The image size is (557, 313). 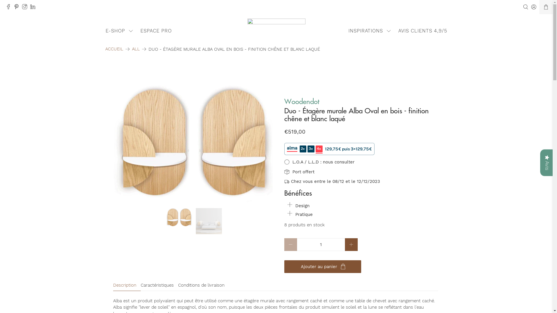 I want to click on 'INSPIRATIONS', so click(x=345, y=31).